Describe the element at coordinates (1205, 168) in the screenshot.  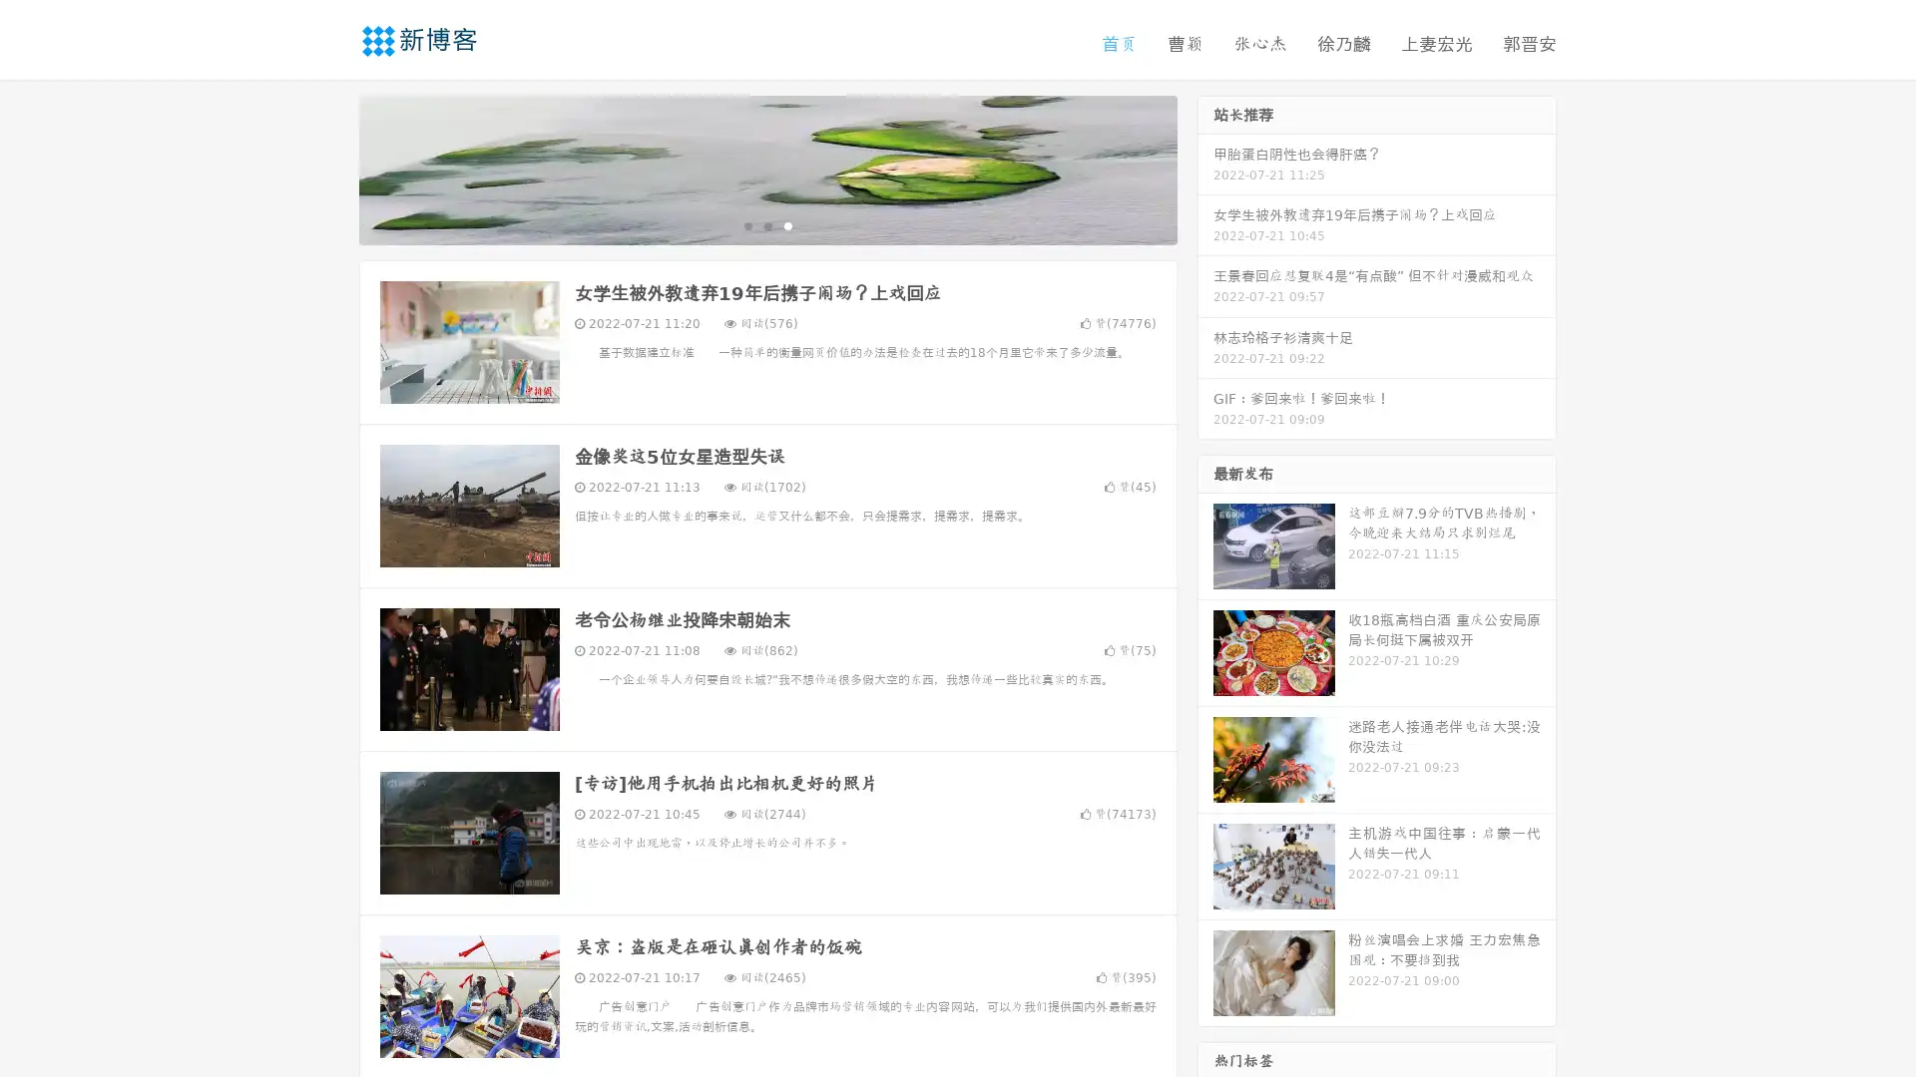
I see `Next slide` at that location.